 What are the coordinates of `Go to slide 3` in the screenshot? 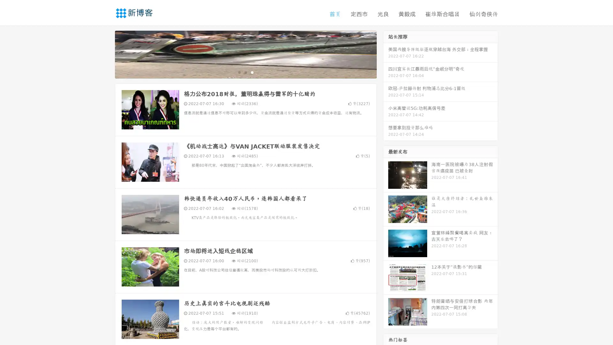 It's located at (252, 72).